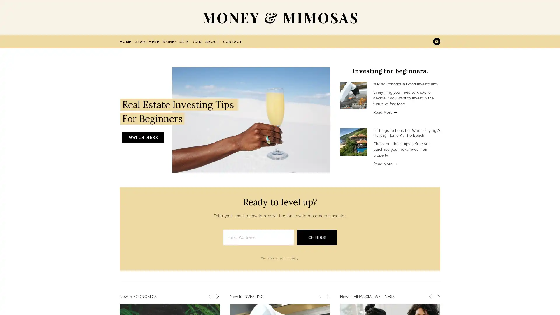 The height and width of the screenshot is (315, 560). What do you see at coordinates (438, 296) in the screenshot?
I see `Next` at bounding box center [438, 296].